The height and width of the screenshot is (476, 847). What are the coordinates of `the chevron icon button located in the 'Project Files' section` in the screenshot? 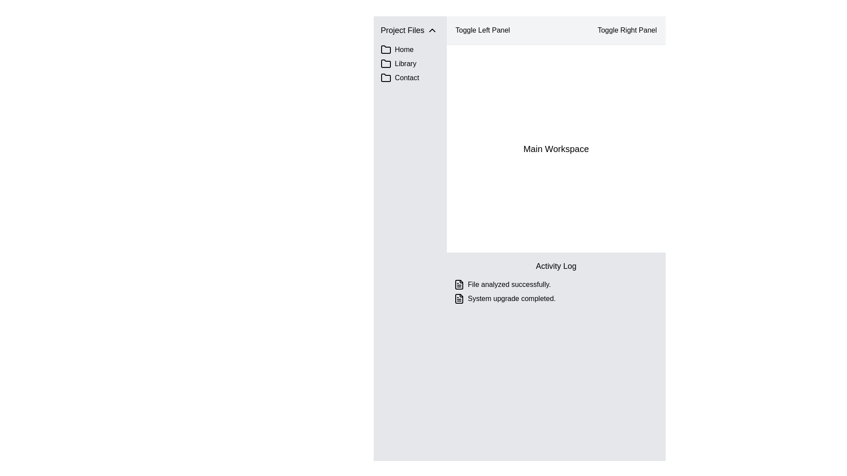 It's located at (432, 30).